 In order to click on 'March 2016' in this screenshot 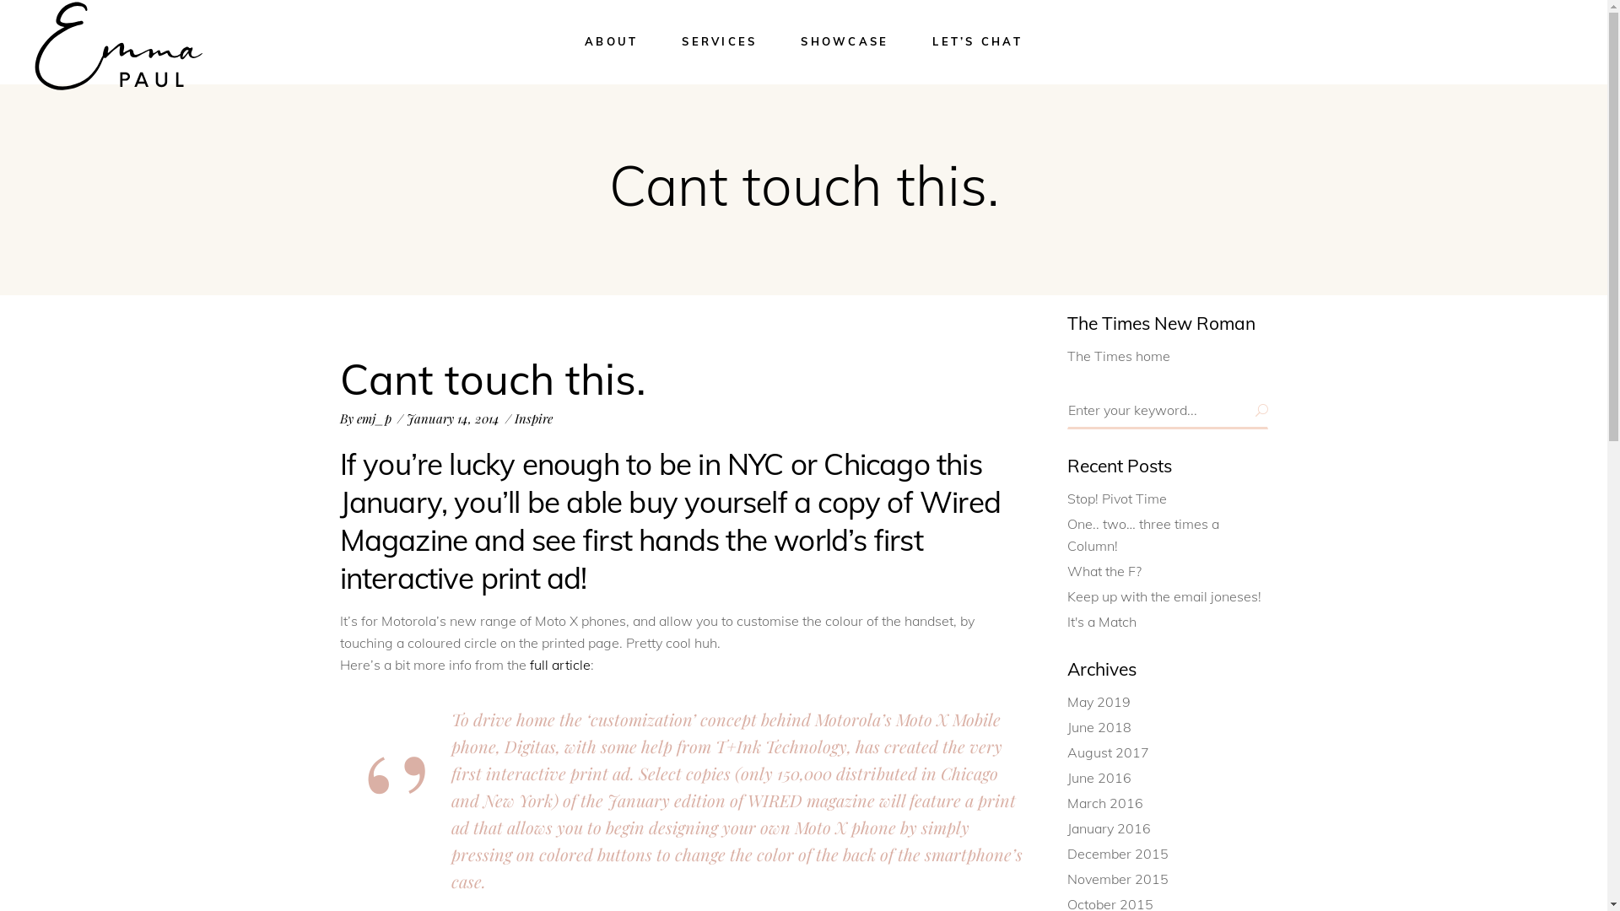, I will do `click(1066, 802)`.